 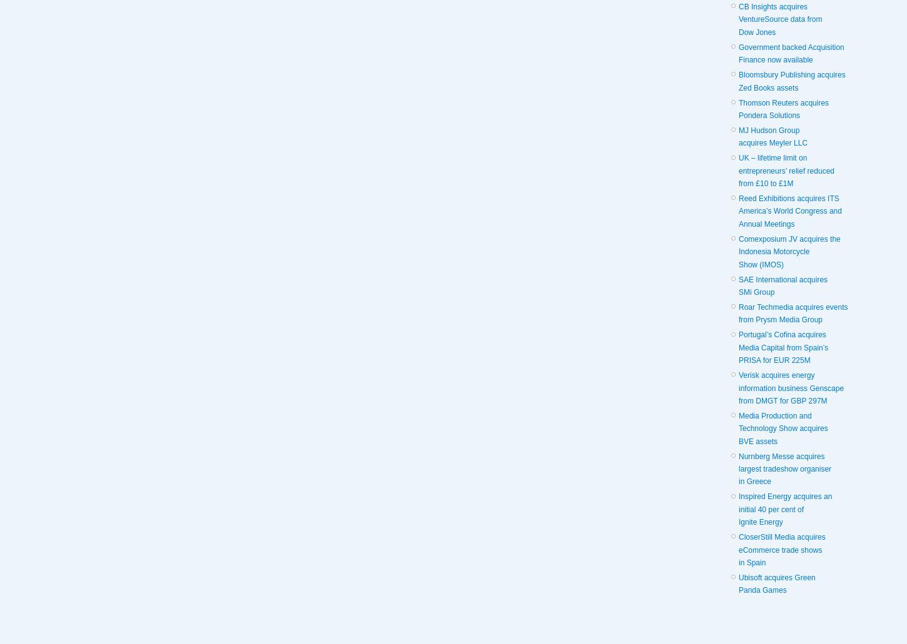 I want to click on 'Thomson Reuters acquires Pondera Solutions', so click(x=783, y=108).